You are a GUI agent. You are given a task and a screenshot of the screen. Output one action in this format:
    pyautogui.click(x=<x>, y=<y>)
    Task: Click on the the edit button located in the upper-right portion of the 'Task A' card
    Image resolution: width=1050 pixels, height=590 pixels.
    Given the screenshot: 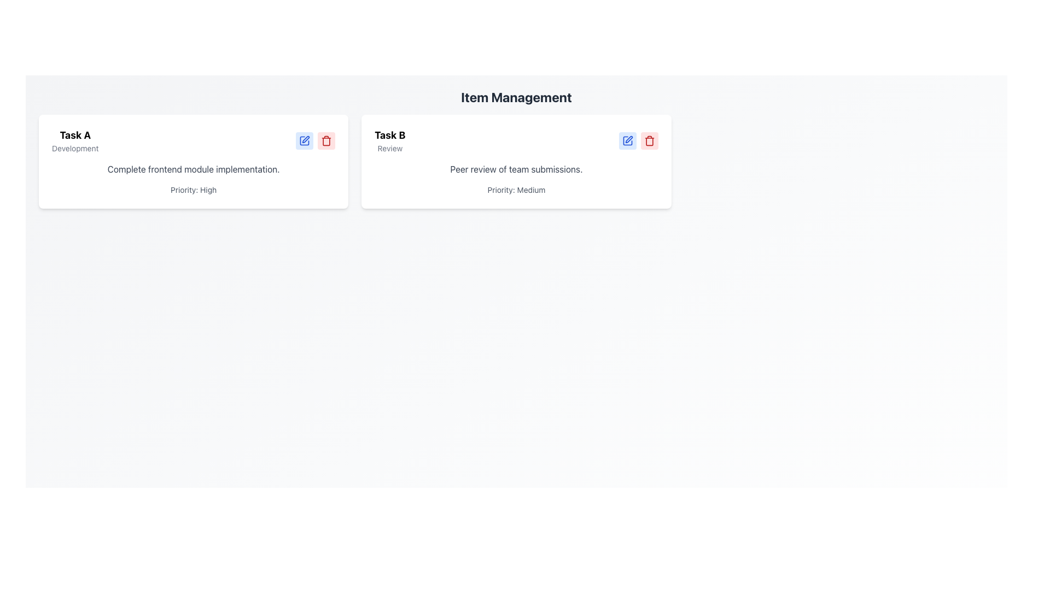 What is the action you would take?
    pyautogui.click(x=305, y=140)
    